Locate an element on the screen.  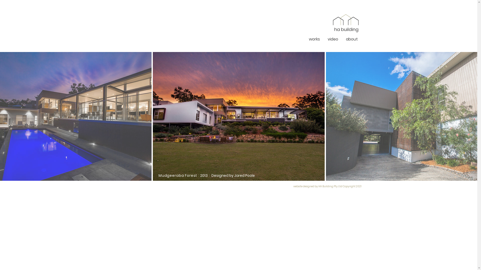
'video' is located at coordinates (323, 39).